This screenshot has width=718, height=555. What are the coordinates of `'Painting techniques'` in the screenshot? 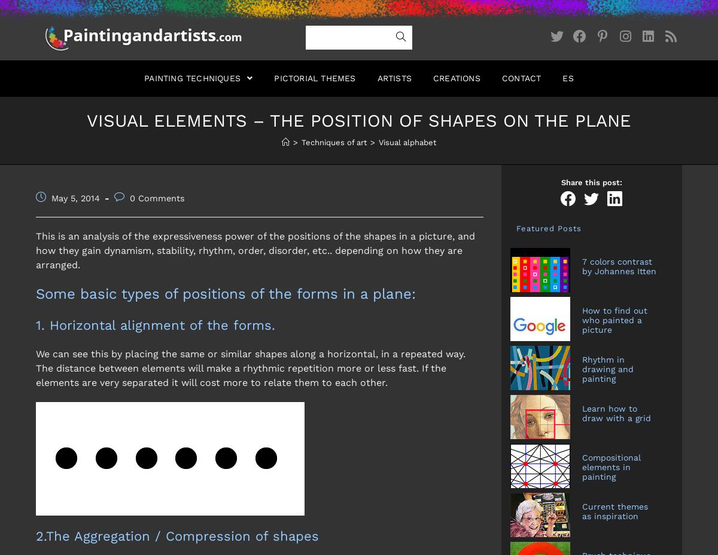 It's located at (194, 78).